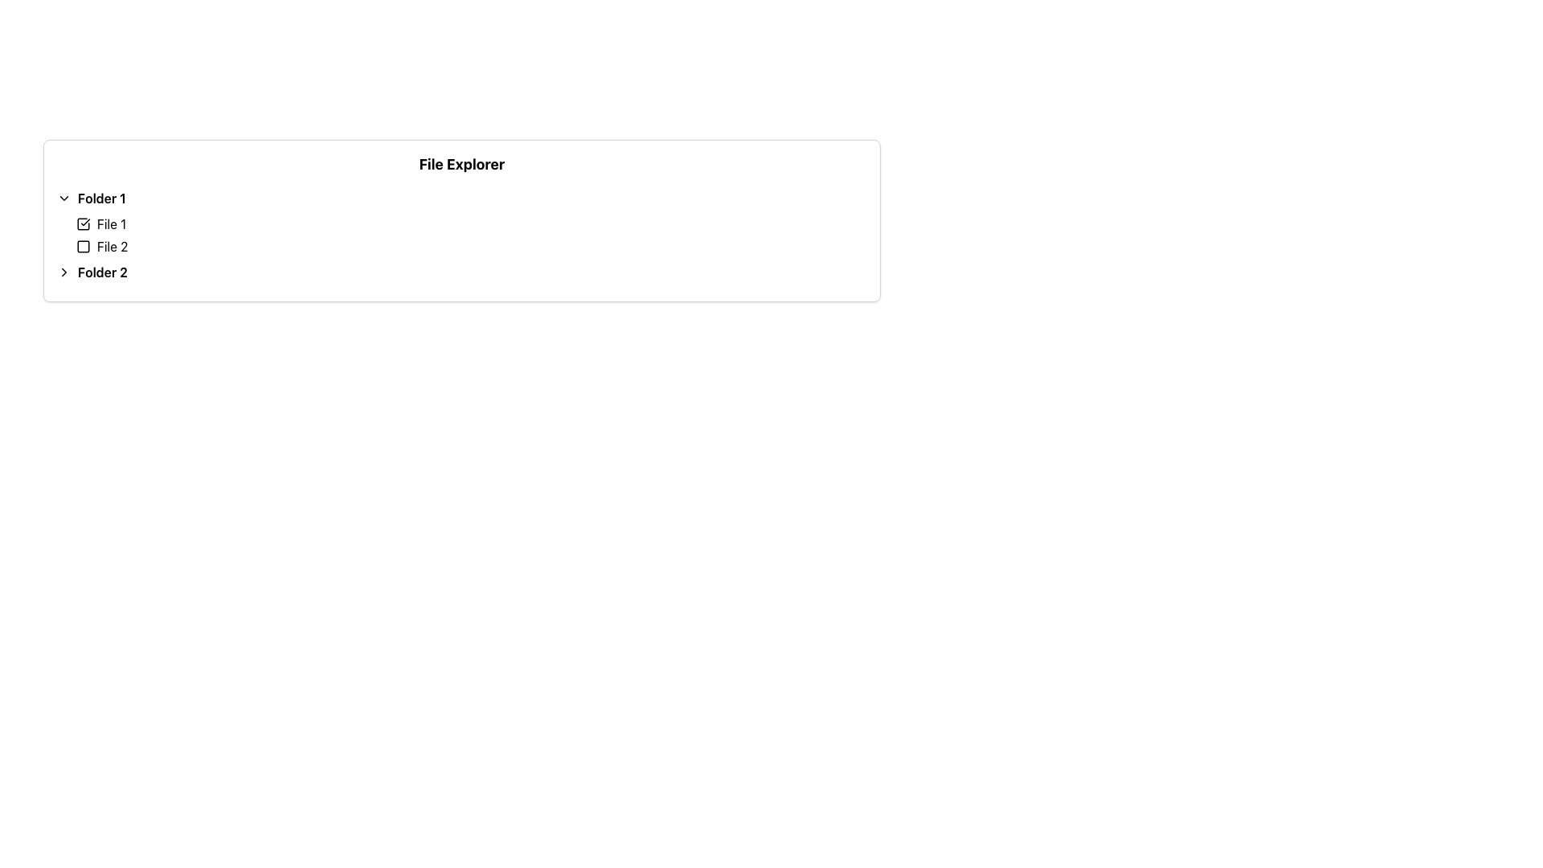  What do you see at coordinates (83, 223) in the screenshot?
I see `the border of the checkbox icon for 'File 1', which is represented as a square with rounded corners and a thin stroke` at bounding box center [83, 223].